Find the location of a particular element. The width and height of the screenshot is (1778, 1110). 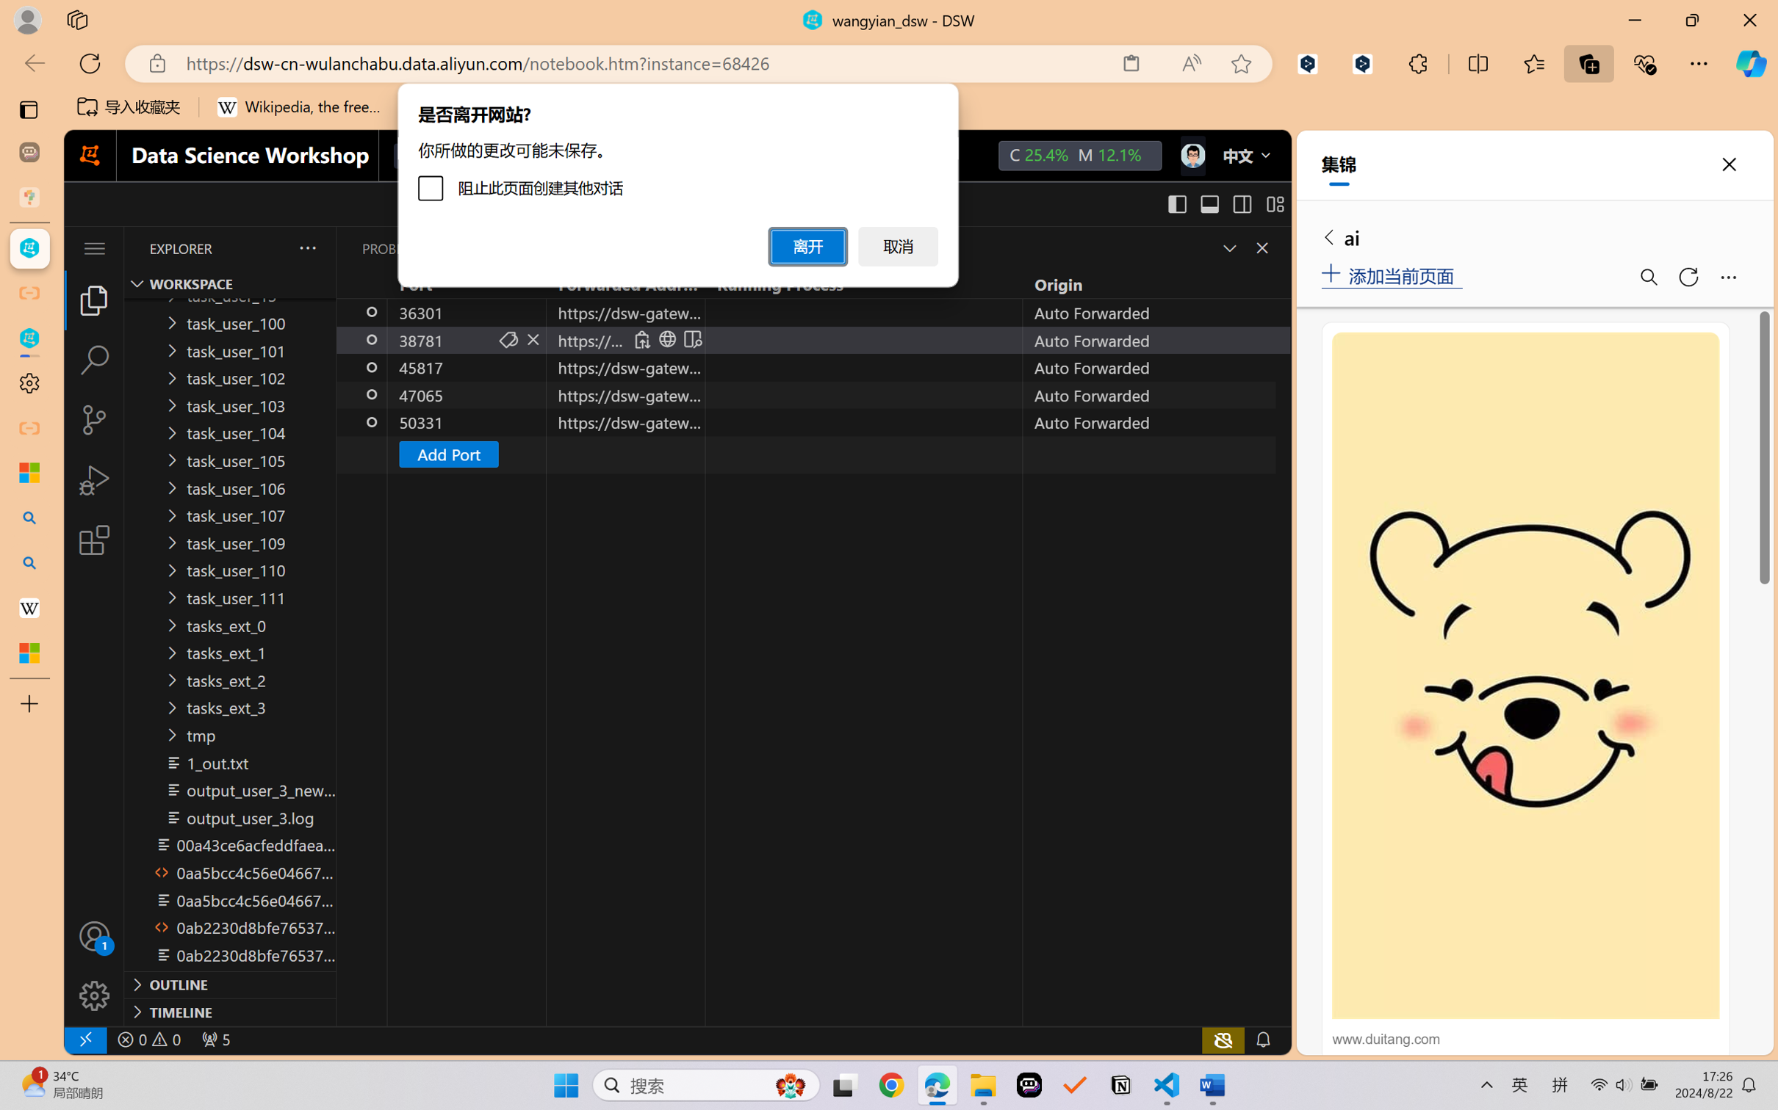

'Explorer actions' is located at coordinates (271, 247).